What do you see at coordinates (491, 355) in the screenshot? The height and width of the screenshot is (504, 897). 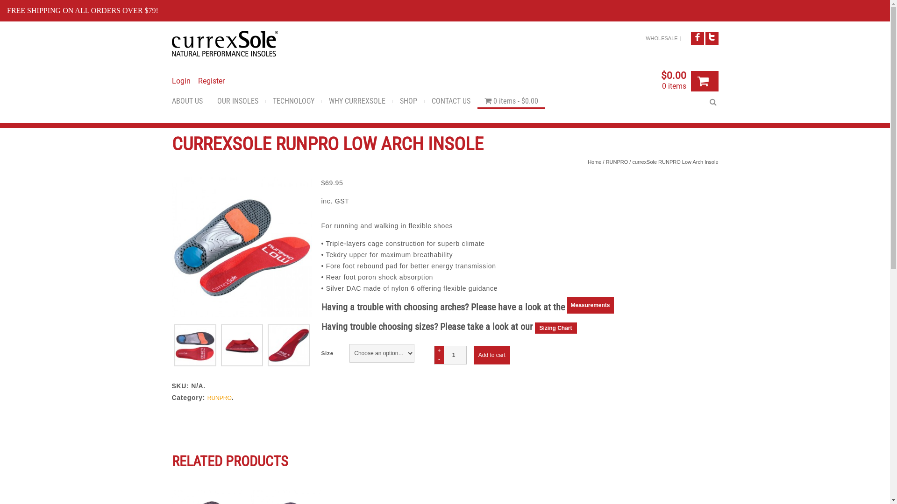 I see `'Add to cart'` at bounding box center [491, 355].